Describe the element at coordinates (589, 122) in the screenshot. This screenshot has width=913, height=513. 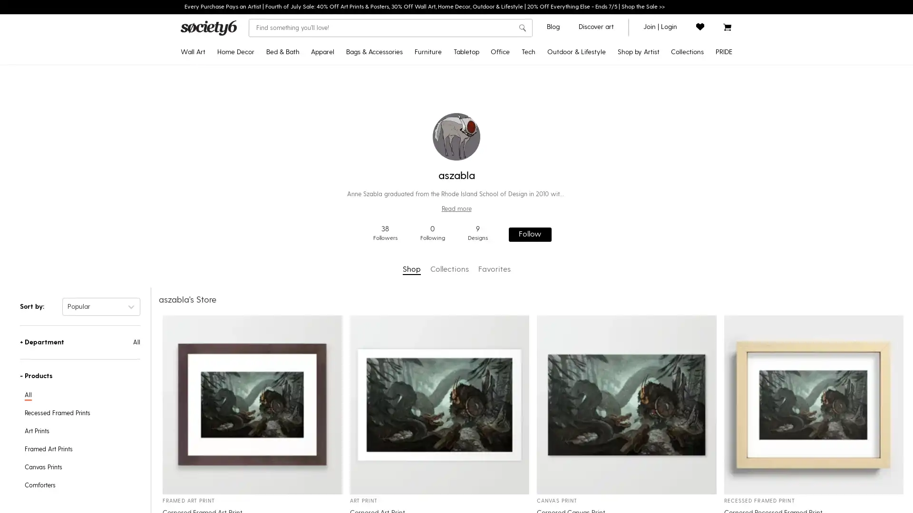
I see `Water Bottles` at that location.